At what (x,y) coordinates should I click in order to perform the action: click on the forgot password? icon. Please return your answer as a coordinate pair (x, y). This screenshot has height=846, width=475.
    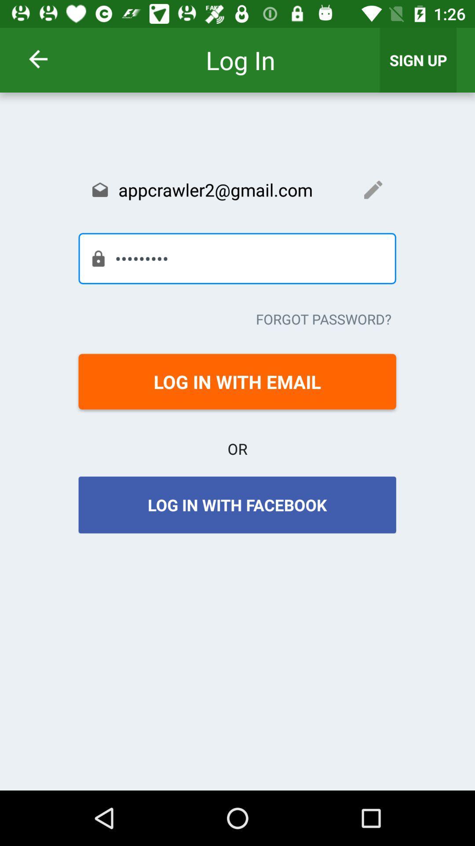
    Looking at the image, I should click on (324, 319).